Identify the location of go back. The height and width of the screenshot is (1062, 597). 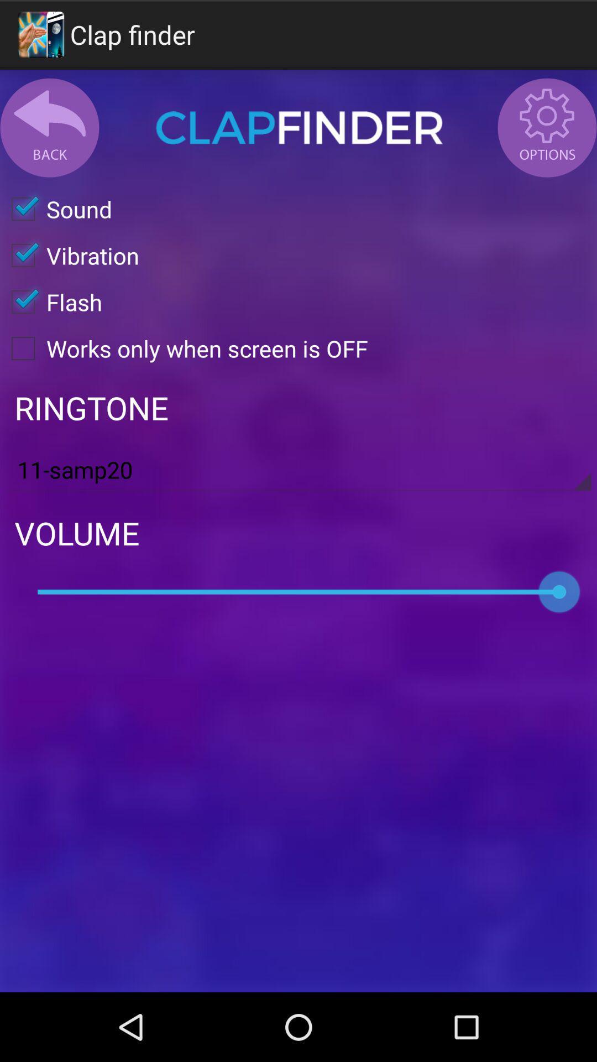
(49, 127).